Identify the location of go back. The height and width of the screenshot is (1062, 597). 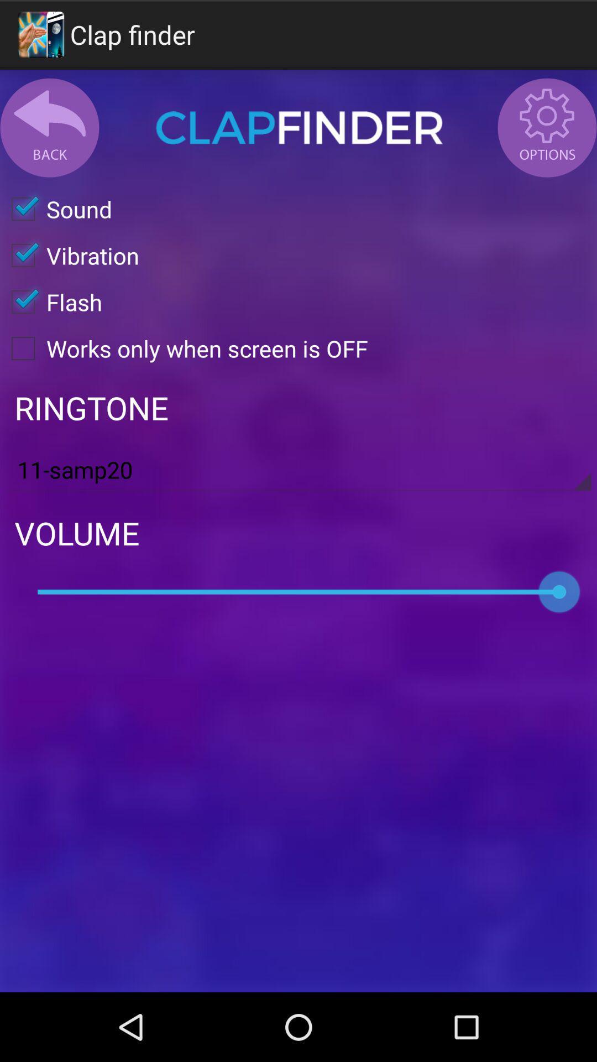
(49, 127).